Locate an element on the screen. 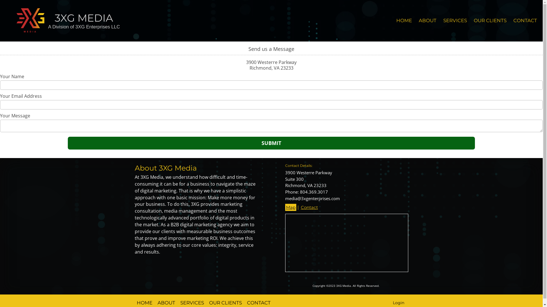  'Contact' is located at coordinates (309, 207).